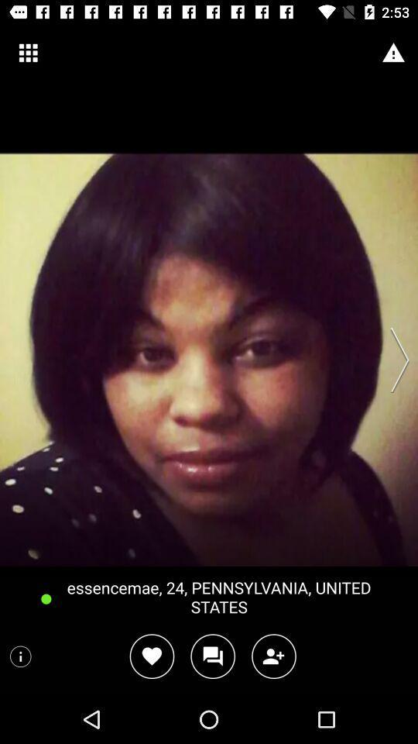 The image size is (418, 744). What do you see at coordinates (212, 656) in the screenshot?
I see `the chat icon` at bounding box center [212, 656].